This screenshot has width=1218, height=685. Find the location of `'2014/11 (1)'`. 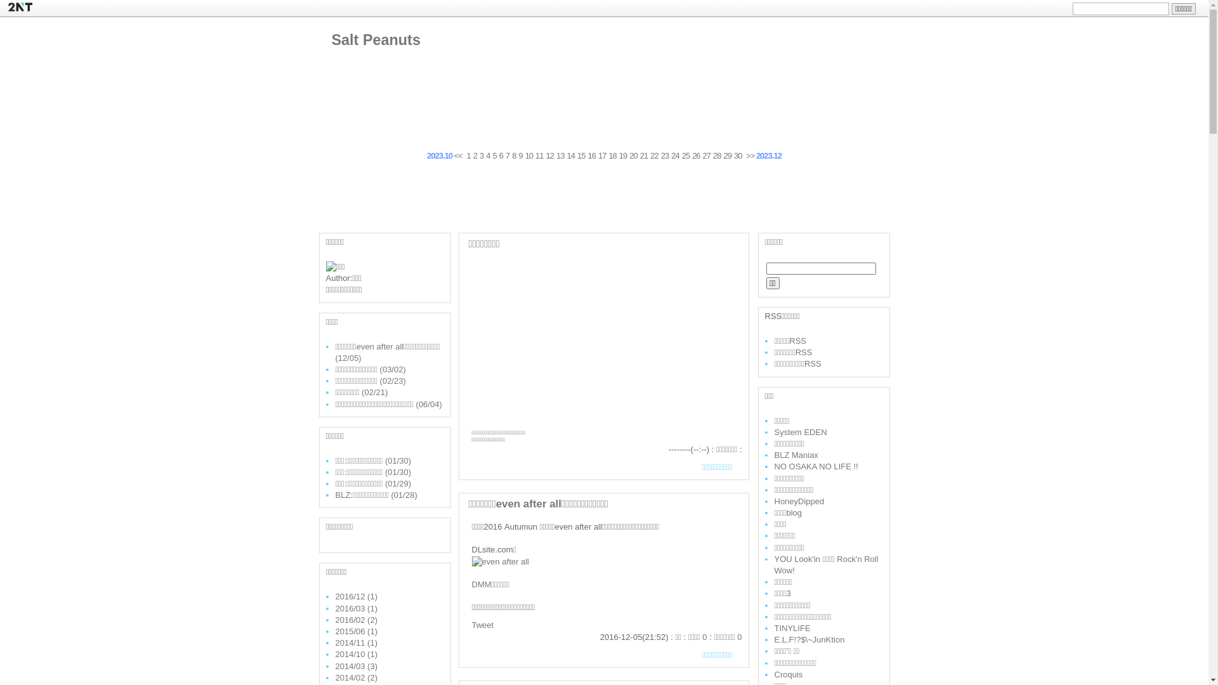

'2014/11 (1)' is located at coordinates (355, 643).